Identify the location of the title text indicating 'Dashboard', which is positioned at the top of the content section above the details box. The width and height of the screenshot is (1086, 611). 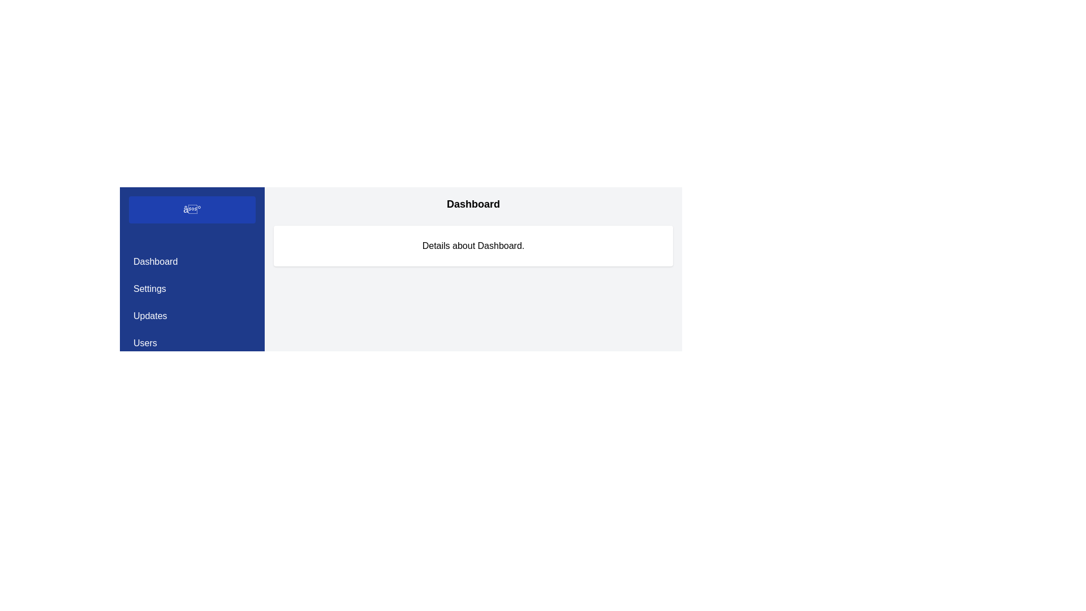
(473, 204).